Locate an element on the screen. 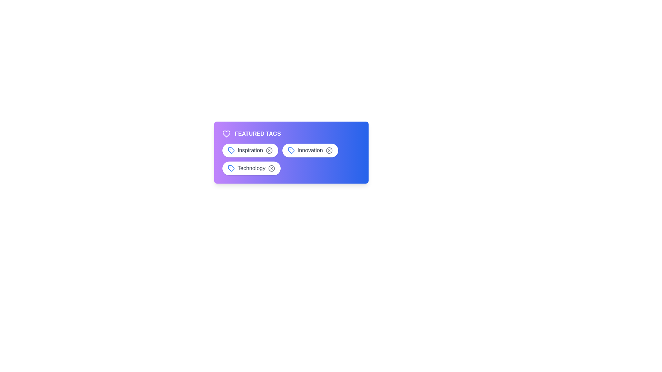 The height and width of the screenshot is (372, 662). the 'Innovation' text label, which is the second tag in the 'FEATURED TAGS' section, used for filtering or organizing content related to innovation is located at coordinates (310, 150).